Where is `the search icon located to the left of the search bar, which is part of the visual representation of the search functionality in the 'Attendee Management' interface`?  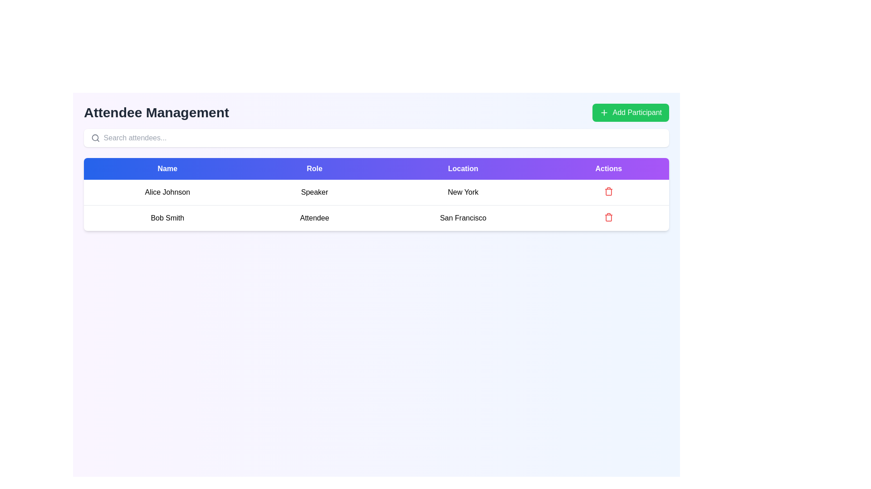
the search icon located to the left of the search bar, which is part of the visual representation of the search functionality in the 'Attendee Management' interface is located at coordinates (95, 138).